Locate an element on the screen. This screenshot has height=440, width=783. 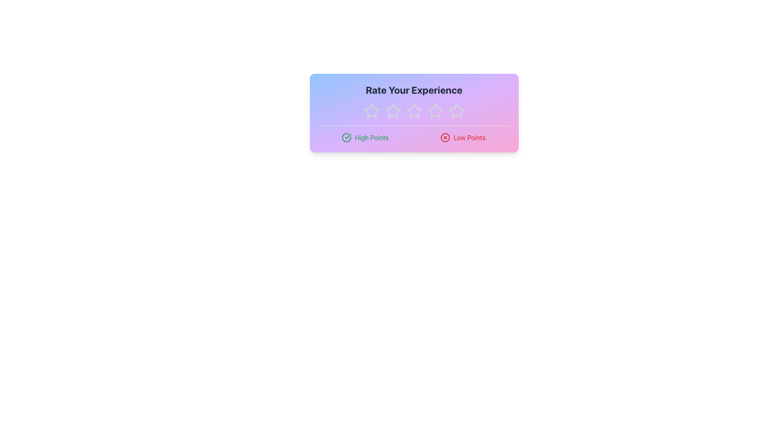
the first star-shaped button in the rating component is located at coordinates (371, 111).